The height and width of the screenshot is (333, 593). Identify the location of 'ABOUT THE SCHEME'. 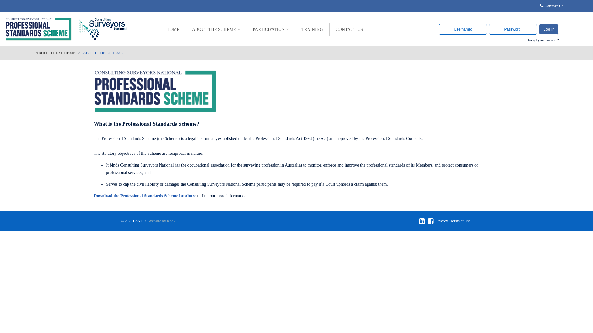
(216, 29).